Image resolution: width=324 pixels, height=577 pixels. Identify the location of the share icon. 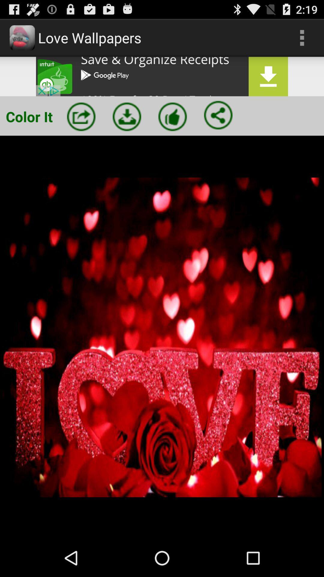
(218, 123).